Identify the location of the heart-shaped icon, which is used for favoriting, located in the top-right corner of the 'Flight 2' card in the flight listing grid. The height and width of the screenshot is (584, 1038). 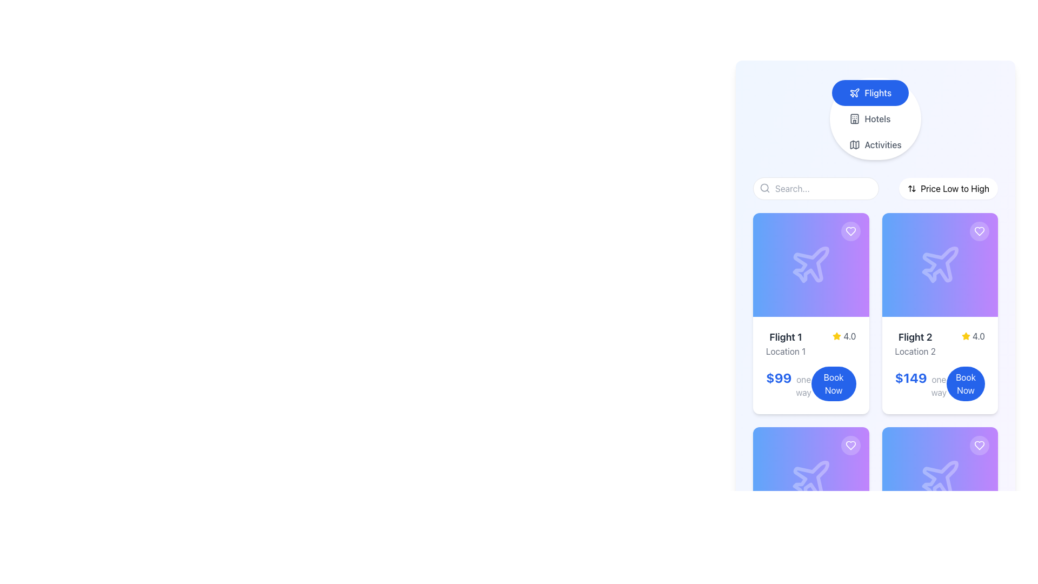
(850, 446).